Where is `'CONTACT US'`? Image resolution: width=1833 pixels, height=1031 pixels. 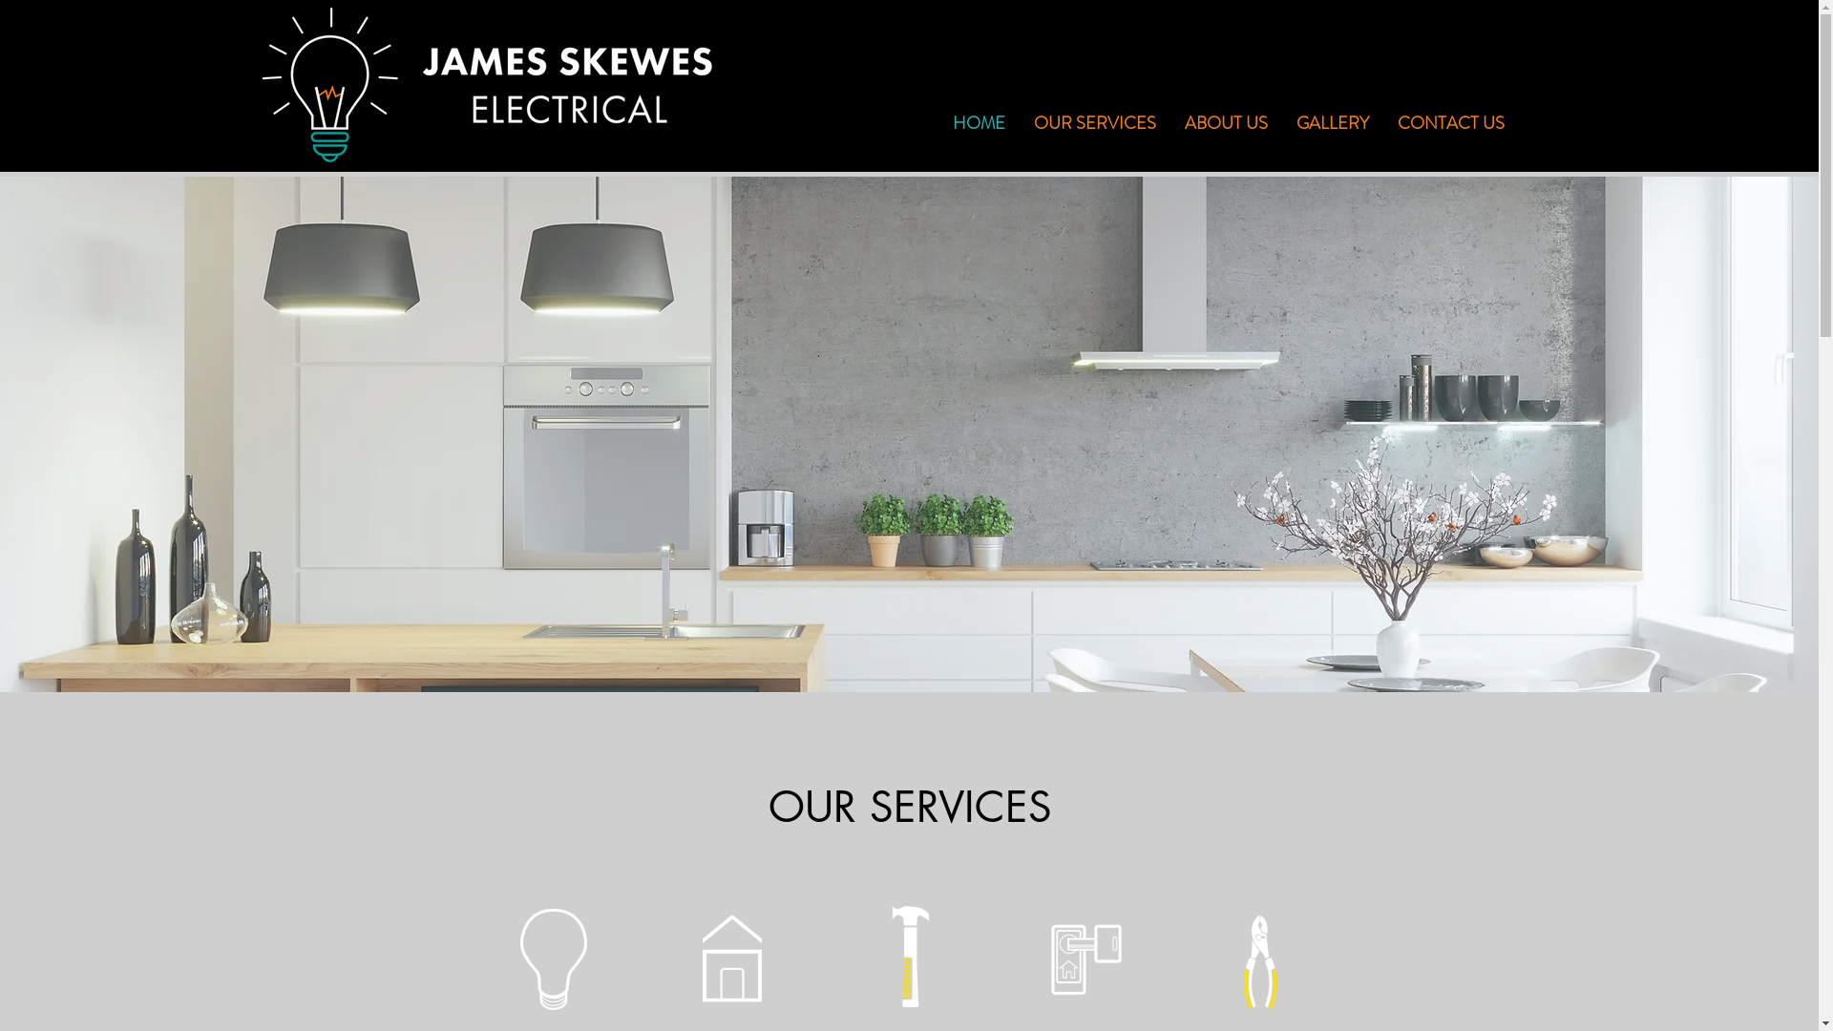
'CONTACT US' is located at coordinates (1449, 122).